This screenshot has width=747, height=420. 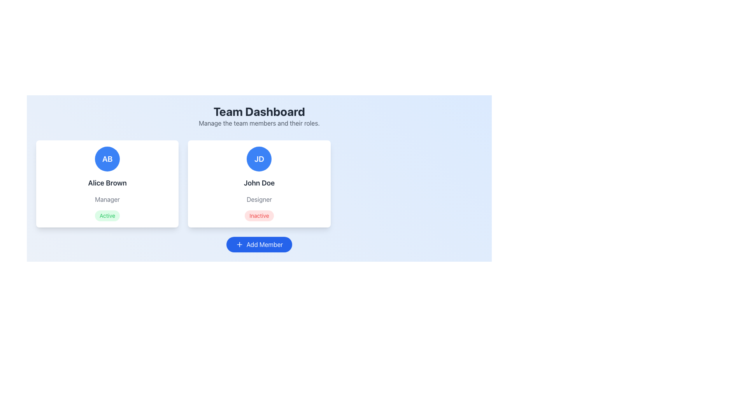 I want to click on the user profile summary card that displays the user's initials, full name, position, and activity status, specifically the second card in the grid layout under the 'Team Dashboard' title, so click(x=259, y=184).